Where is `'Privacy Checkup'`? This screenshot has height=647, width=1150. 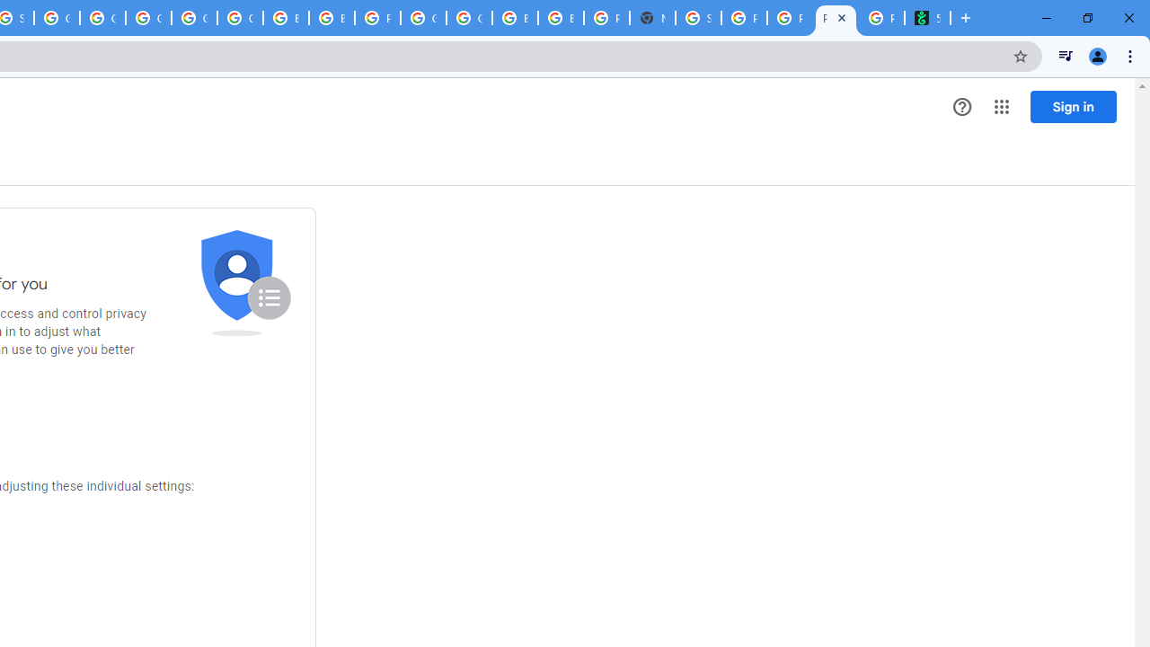 'Privacy Checkup' is located at coordinates (790, 18).